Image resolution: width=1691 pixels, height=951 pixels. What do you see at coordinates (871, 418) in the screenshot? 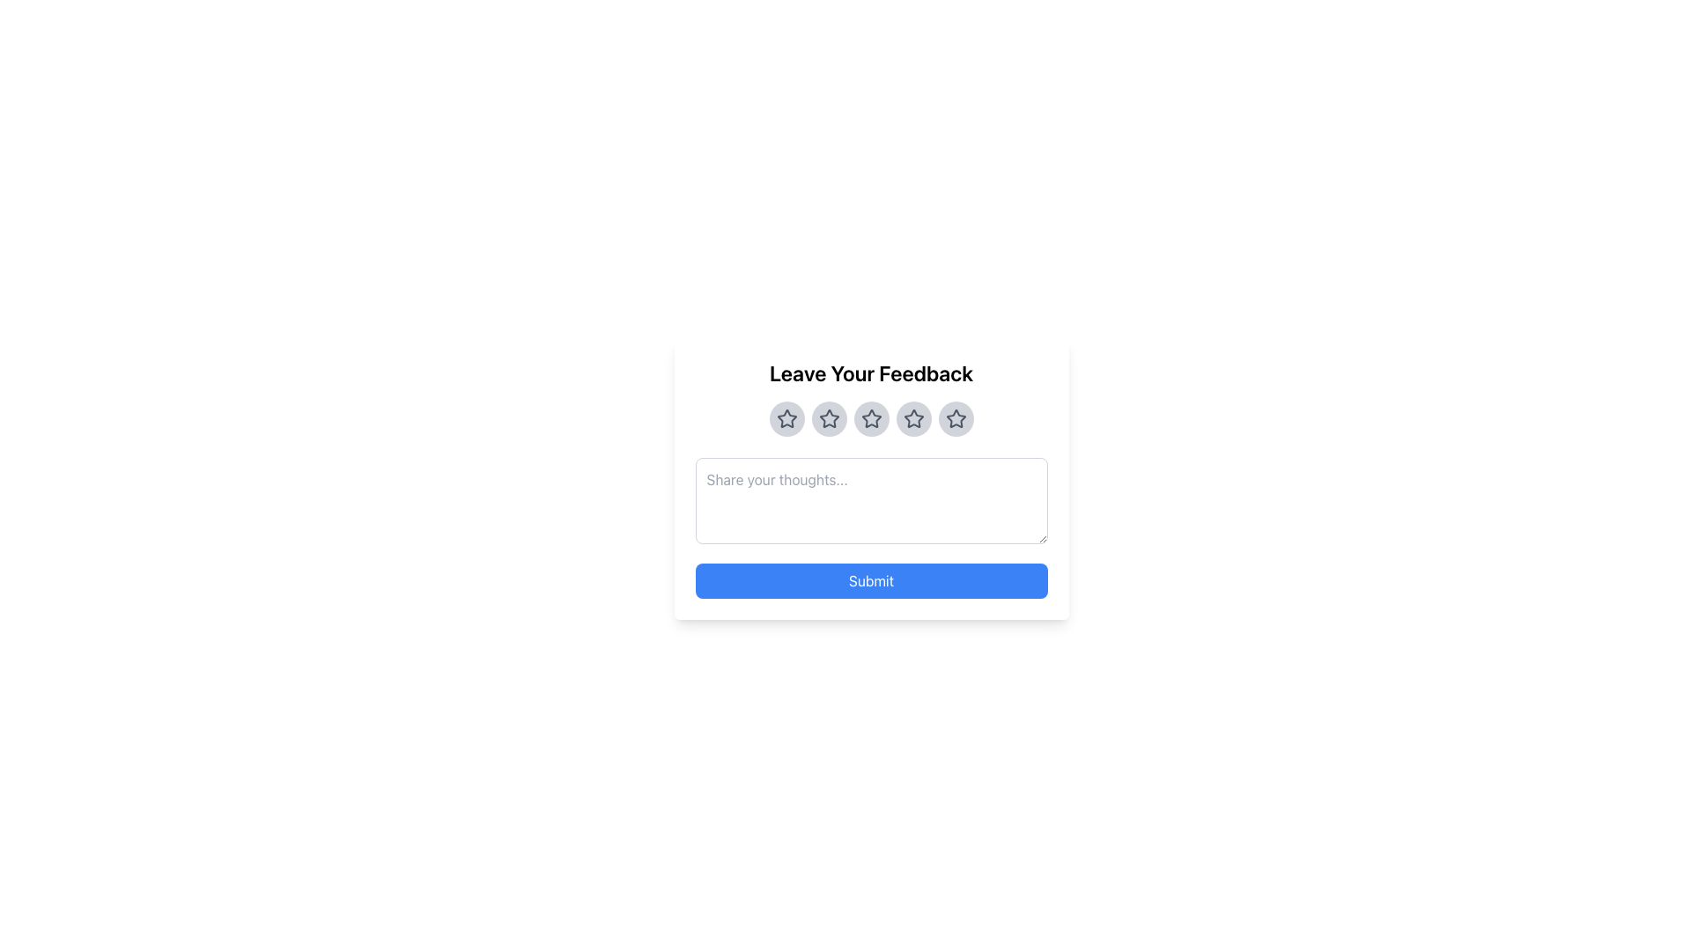
I see `the circular button containing the star icon` at bounding box center [871, 418].